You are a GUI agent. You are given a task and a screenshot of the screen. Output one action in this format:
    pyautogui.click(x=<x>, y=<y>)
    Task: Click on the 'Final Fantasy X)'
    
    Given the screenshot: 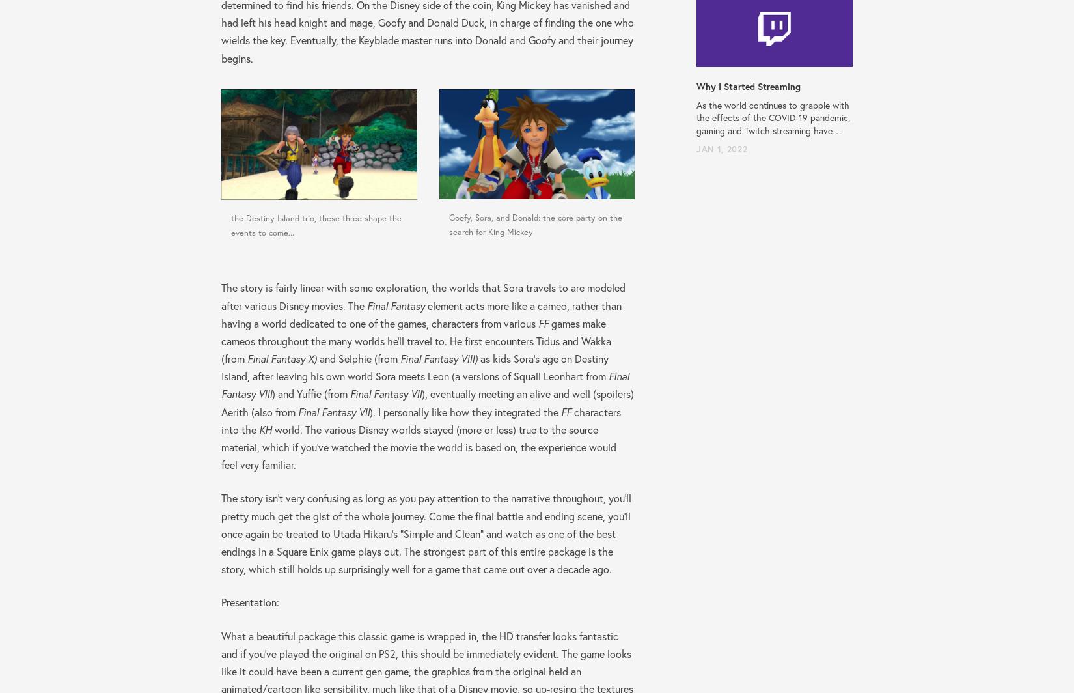 What is the action you would take?
    pyautogui.click(x=247, y=358)
    